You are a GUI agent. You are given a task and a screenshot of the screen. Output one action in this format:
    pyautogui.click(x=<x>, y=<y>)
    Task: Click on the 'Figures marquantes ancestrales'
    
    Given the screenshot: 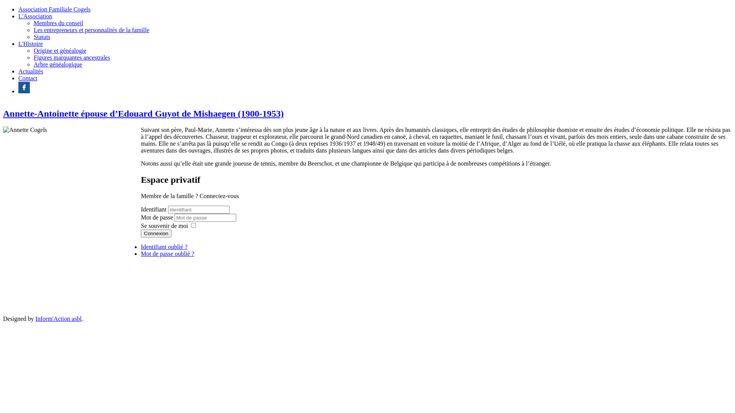 What is the action you would take?
    pyautogui.click(x=72, y=57)
    